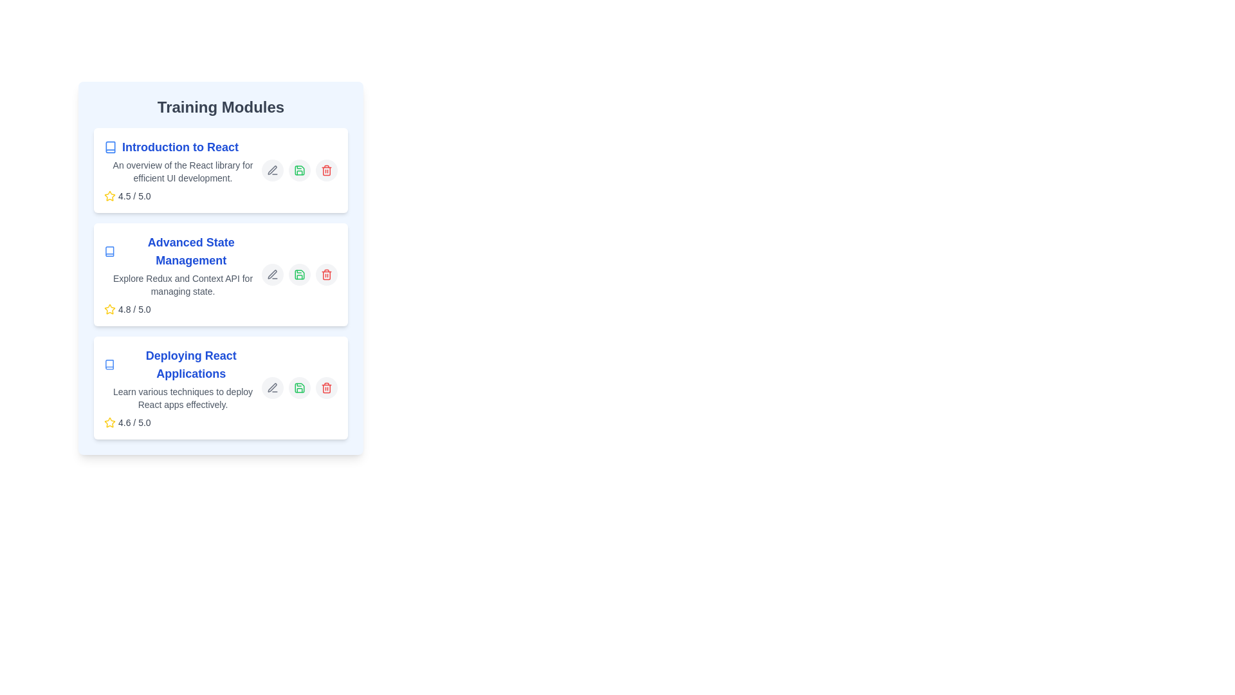 This screenshot has width=1235, height=695. Describe the element at coordinates (298, 387) in the screenshot. I see `the green floppy disk icon located at the top-right corner of the third card in the grid of training modules` at that location.